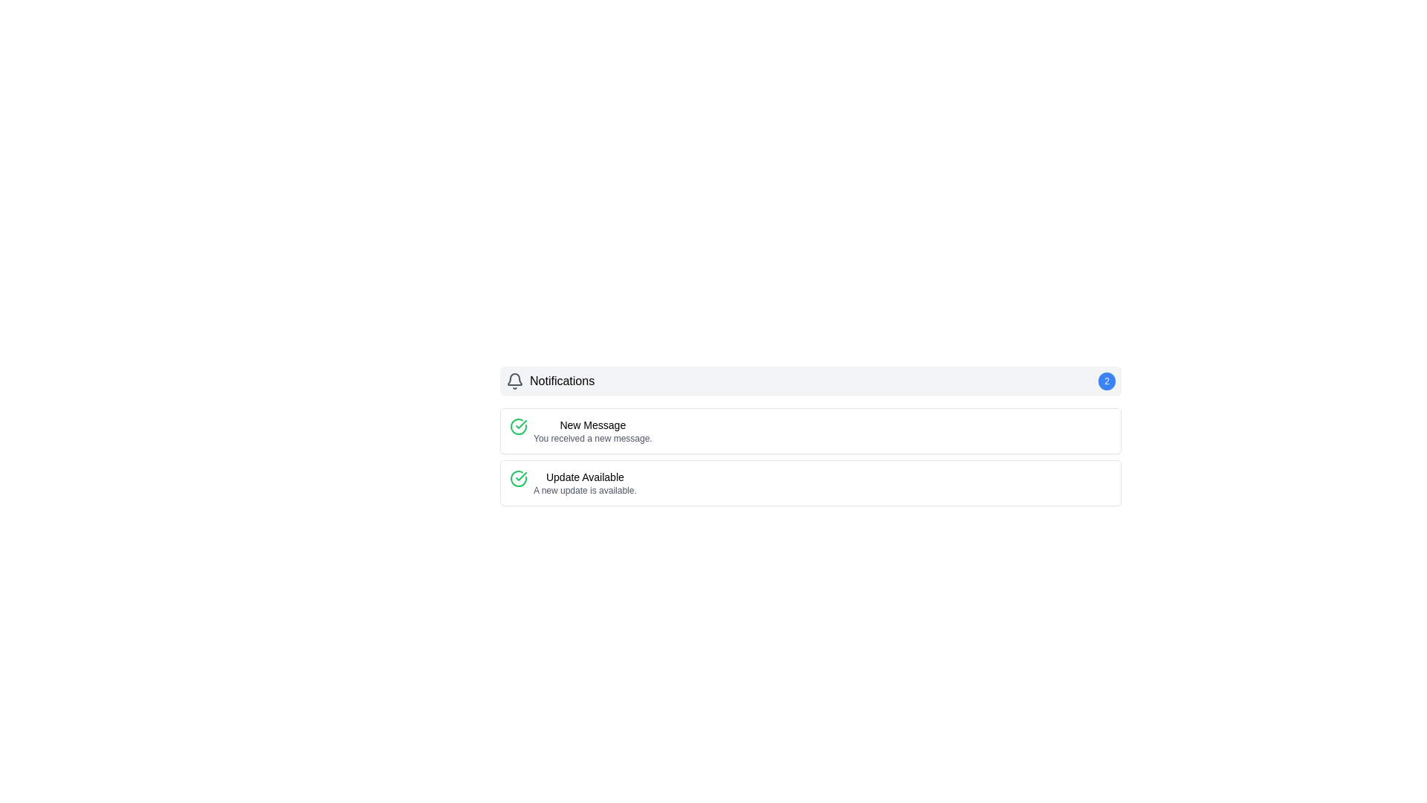 The image size is (1427, 803). Describe the element at coordinates (592, 425) in the screenshot. I see `the text element displaying 'New Message' in bold, located at the top of the notification box` at that location.